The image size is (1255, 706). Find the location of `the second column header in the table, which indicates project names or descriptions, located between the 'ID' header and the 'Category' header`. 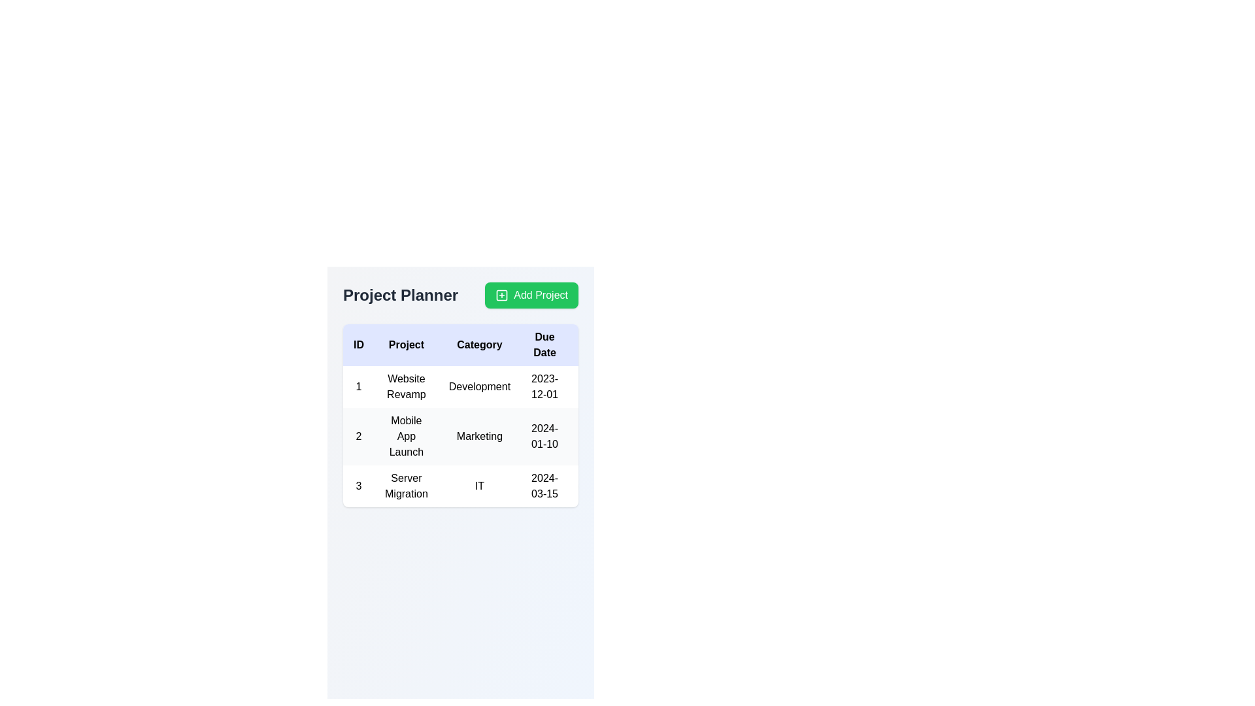

the second column header in the table, which indicates project names or descriptions, located between the 'ID' header and the 'Category' header is located at coordinates (405, 345).